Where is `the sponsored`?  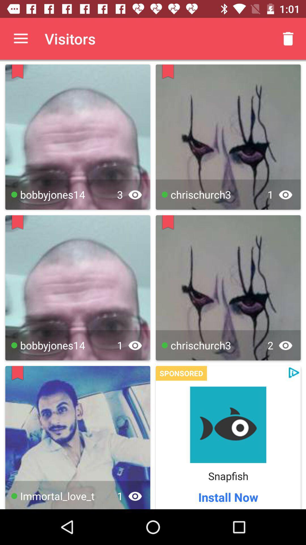
the sponsored is located at coordinates (181, 373).